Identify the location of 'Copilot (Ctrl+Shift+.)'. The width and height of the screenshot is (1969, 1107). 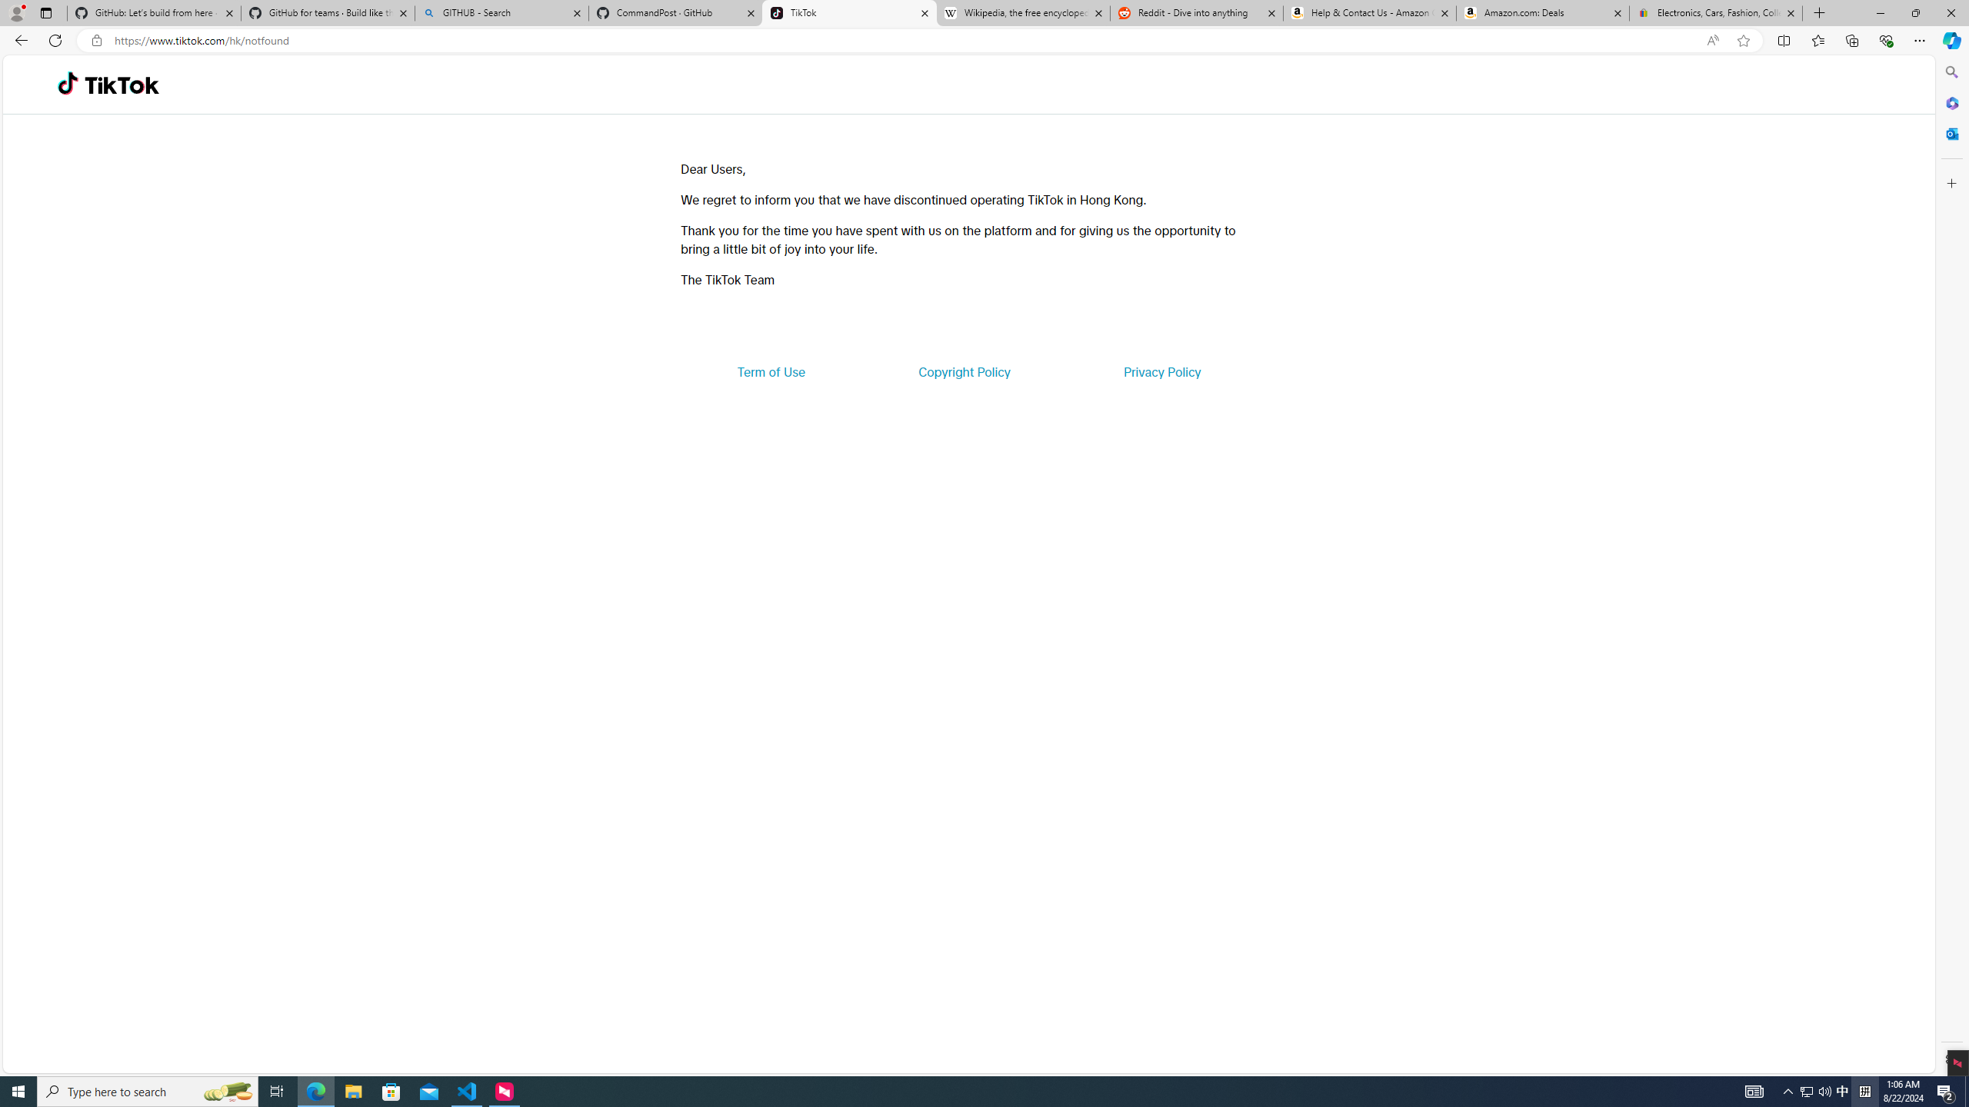
(1950, 39).